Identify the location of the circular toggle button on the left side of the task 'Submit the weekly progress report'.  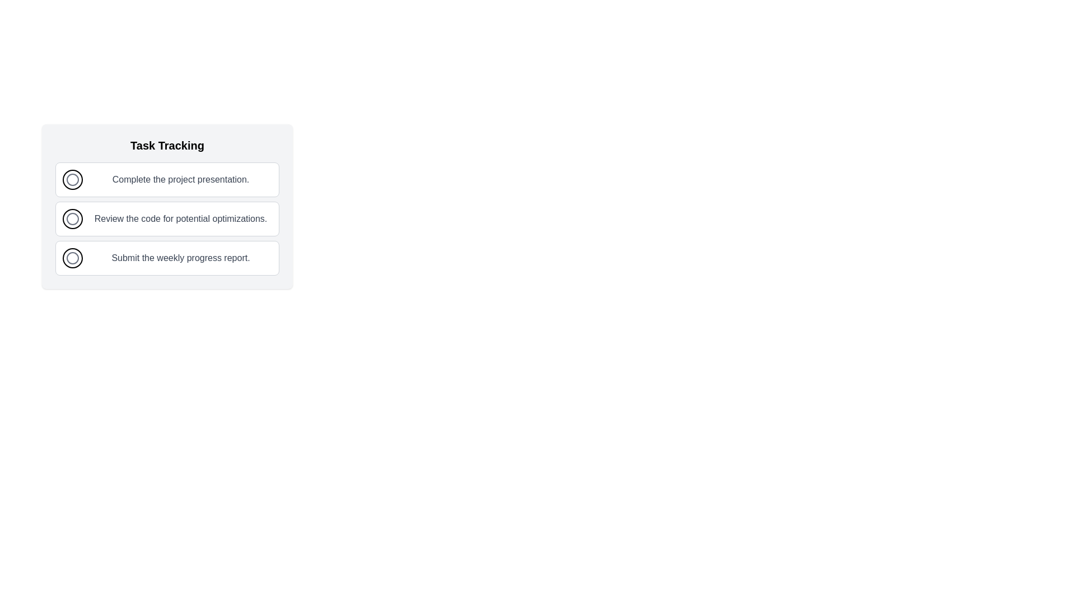
(72, 258).